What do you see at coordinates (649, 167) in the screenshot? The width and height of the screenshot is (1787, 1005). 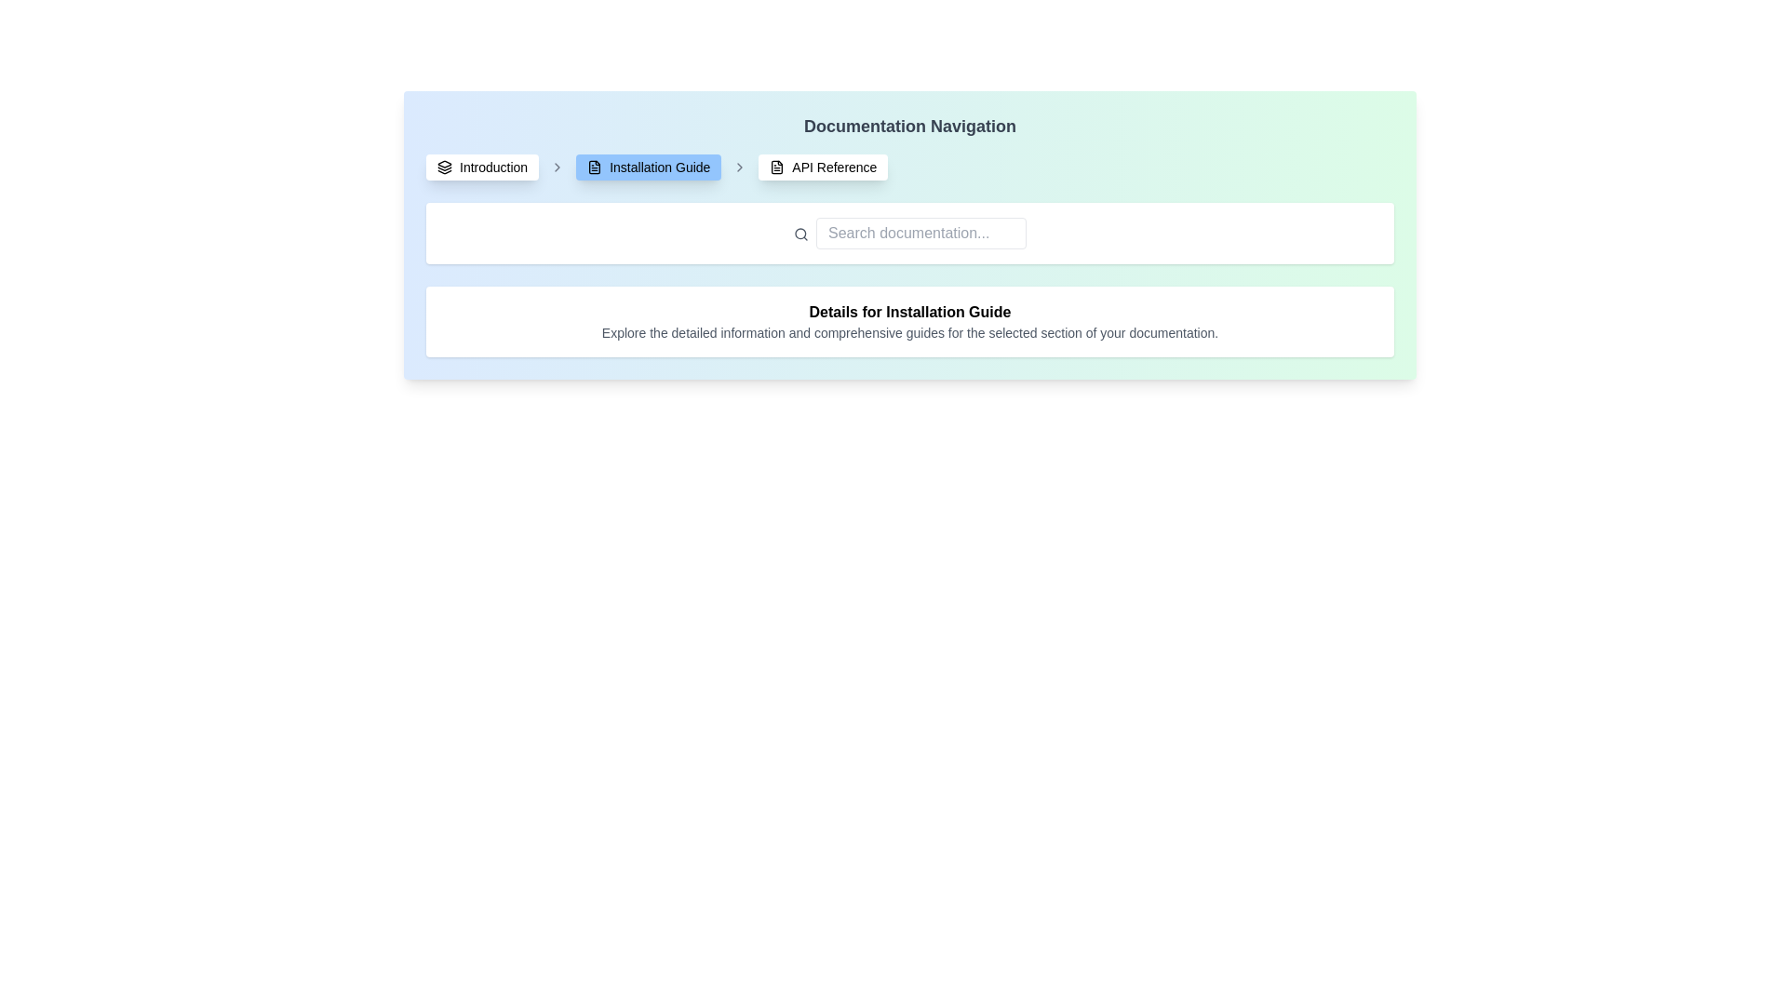 I see `the 'Installation Guide' button, which is a rounded rectangular button with a blue background, located in the horizontal navigation bar between the 'Introduction' and 'API Reference' buttons` at bounding box center [649, 167].